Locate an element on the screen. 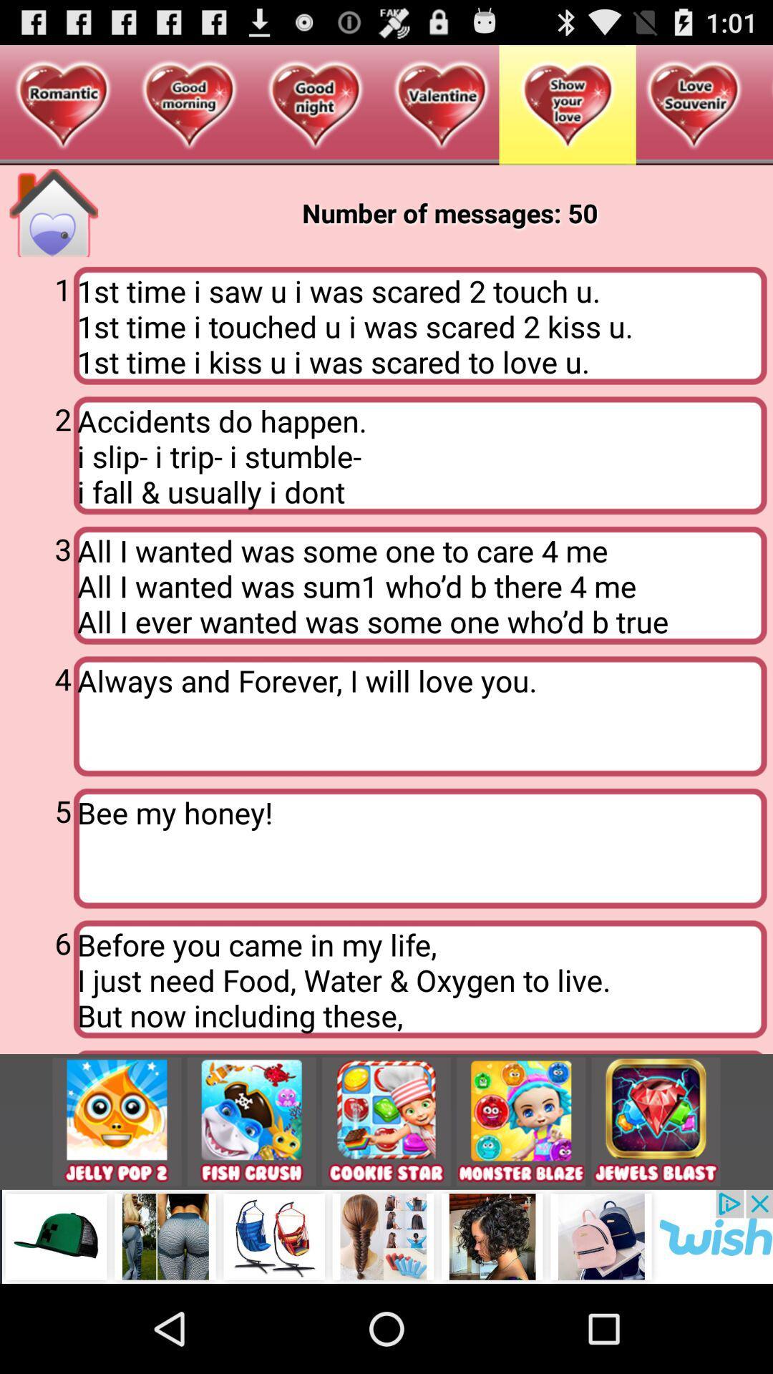 This screenshot has width=773, height=1374. the settings icon is located at coordinates (251, 1201).